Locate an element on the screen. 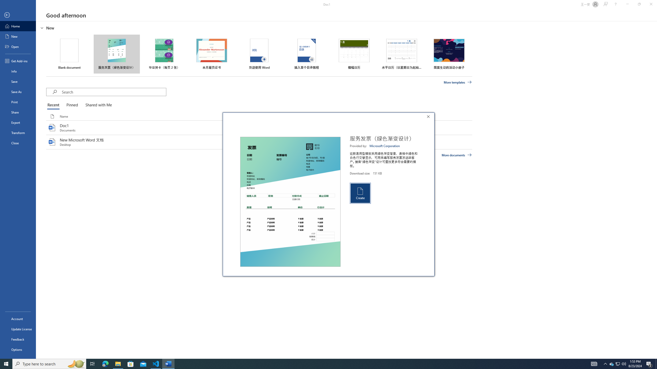 This screenshot has width=657, height=369. 'Get Add-ins' is located at coordinates (18, 61).